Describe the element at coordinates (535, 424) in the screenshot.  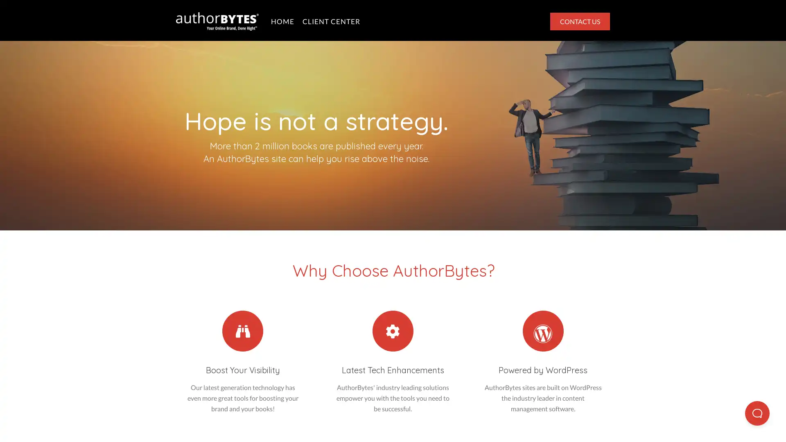
I see `Deny` at that location.